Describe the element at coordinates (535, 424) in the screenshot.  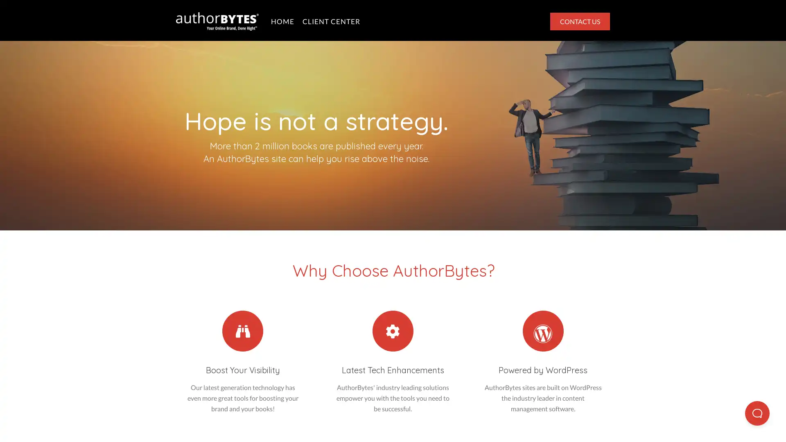
I see `Deny` at that location.